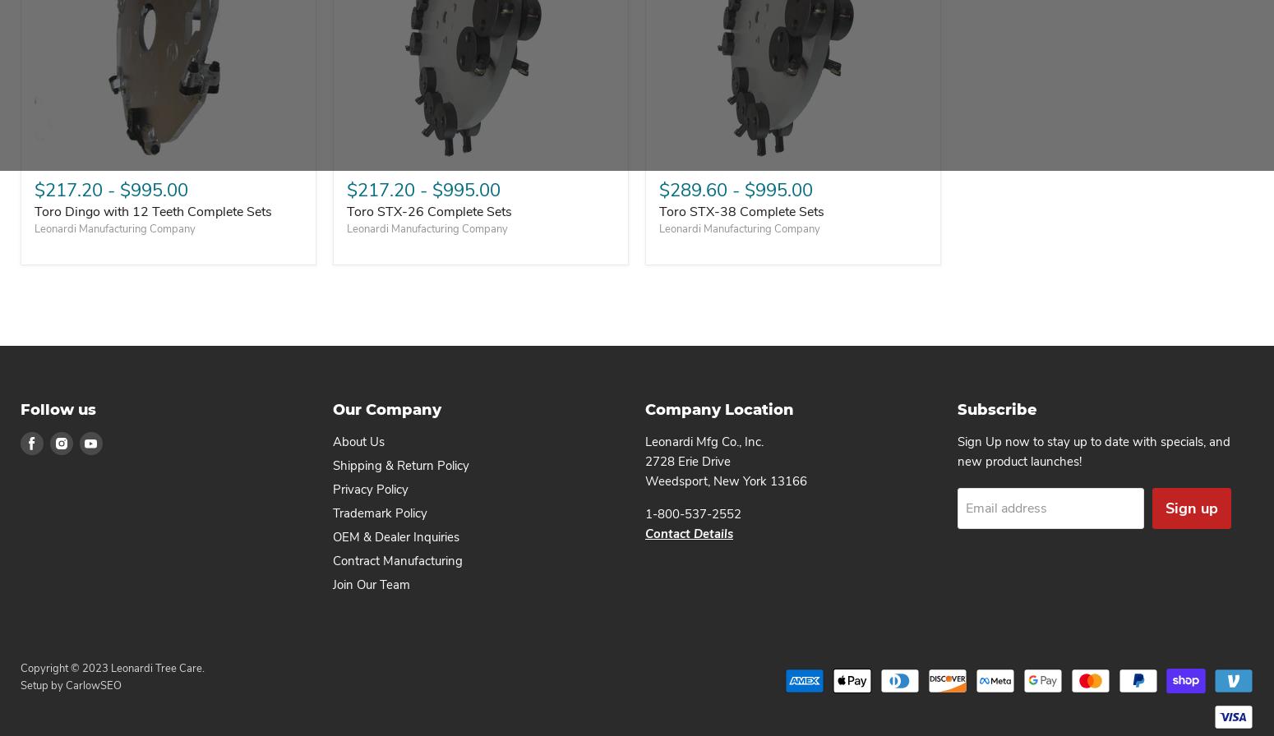  I want to click on 'Contact Details', so click(688, 532).